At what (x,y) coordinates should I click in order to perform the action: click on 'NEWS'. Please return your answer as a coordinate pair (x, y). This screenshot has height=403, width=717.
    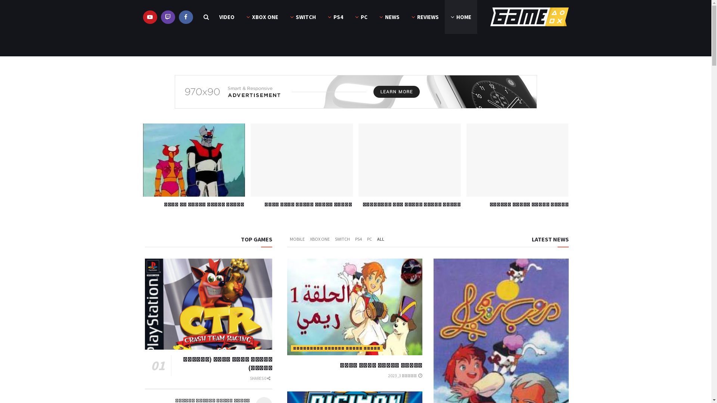
    Looking at the image, I should click on (373, 17).